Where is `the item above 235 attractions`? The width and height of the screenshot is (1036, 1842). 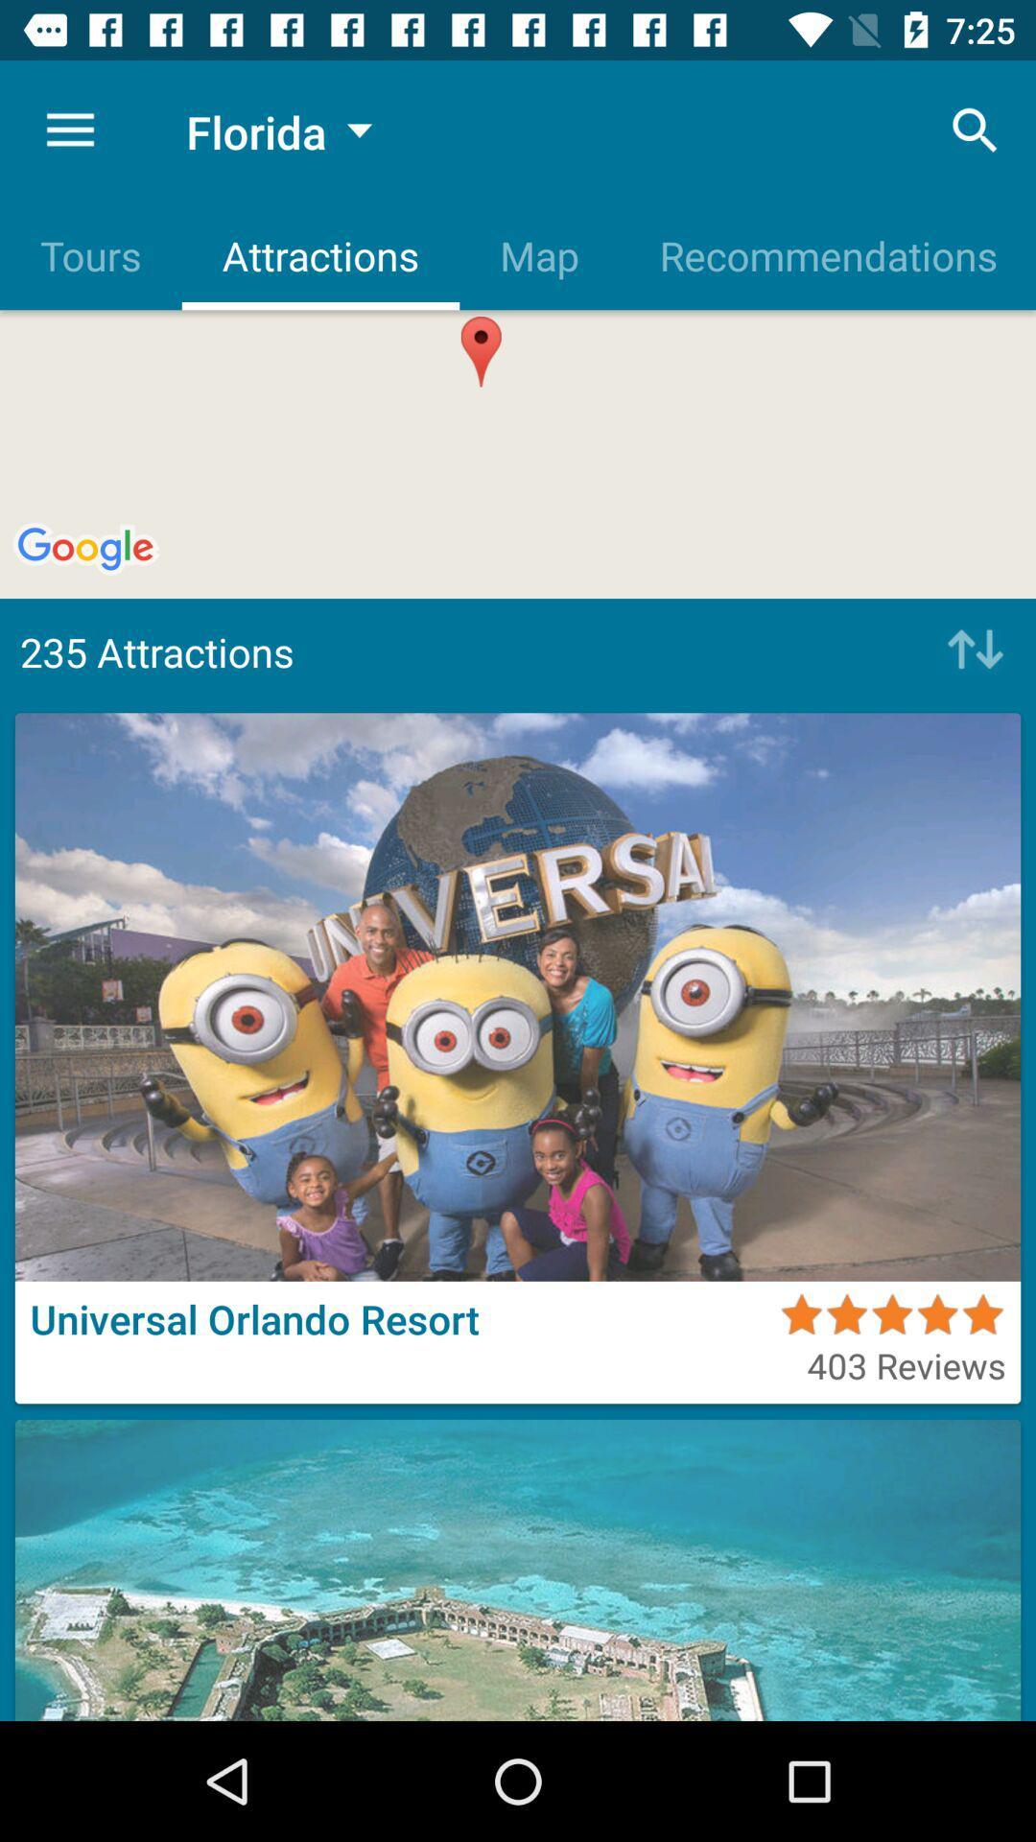 the item above 235 attractions is located at coordinates (826, 254).